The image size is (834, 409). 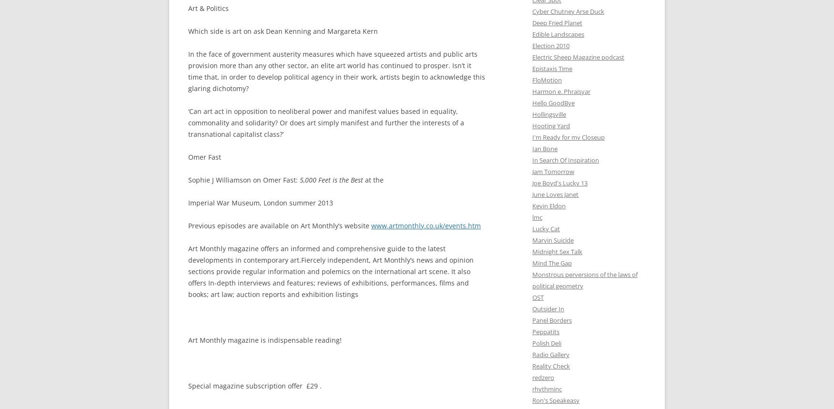 I want to click on 'Marvin Suicide', so click(x=552, y=239).